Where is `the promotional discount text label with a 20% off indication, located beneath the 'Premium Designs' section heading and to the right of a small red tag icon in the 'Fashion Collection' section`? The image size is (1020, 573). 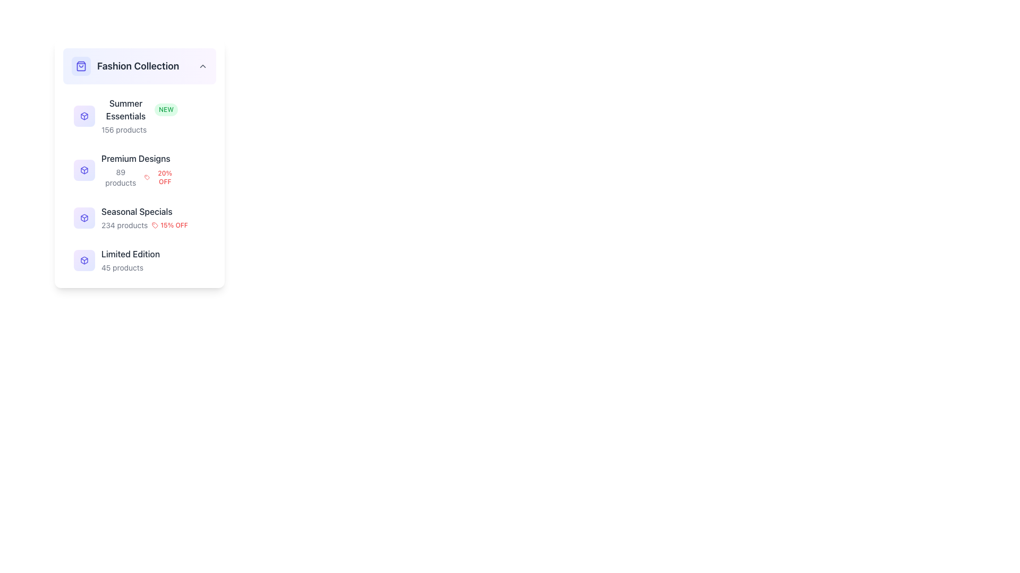
the promotional discount text label with a 20% off indication, located beneath the 'Premium Designs' section heading and to the right of a small red tag icon in the 'Fashion Collection' section is located at coordinates (160, 177).